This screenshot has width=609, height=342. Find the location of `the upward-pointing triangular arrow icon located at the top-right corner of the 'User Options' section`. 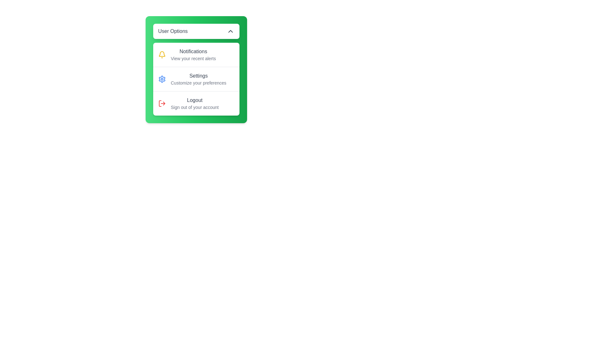

the upward-pointing triangular arrow icon located at the top-right corner of the 'User Options' section is located at coordinates (230, 31).